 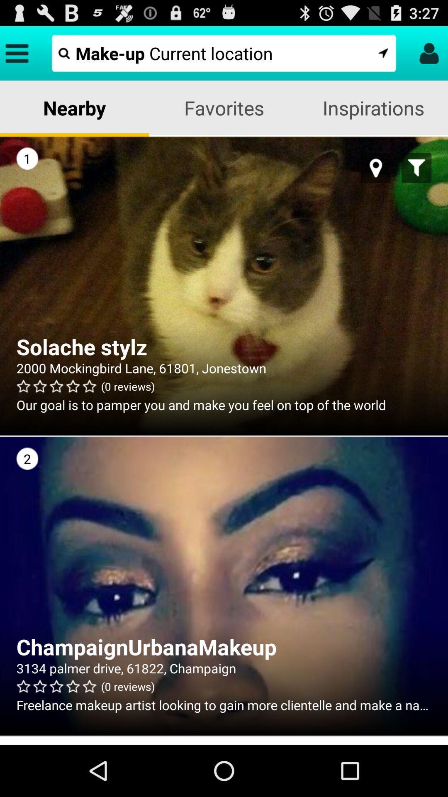 What do you see at coordinates (376, 167) in the screenshot?
I see `the location icon which is beside filter icon` at bounding box center [376, 167].